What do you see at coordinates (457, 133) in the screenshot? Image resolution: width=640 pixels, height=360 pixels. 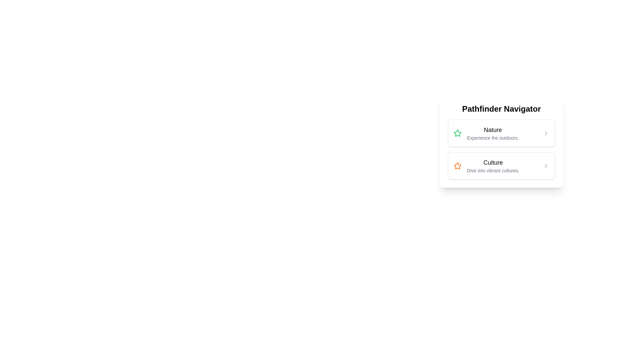 I see `the green star icon located in the 'Nature' row of the 'Pathfinder Navigator' section, which is positioned to the left of the label 'Nature'` at bounding box center [457, 133].